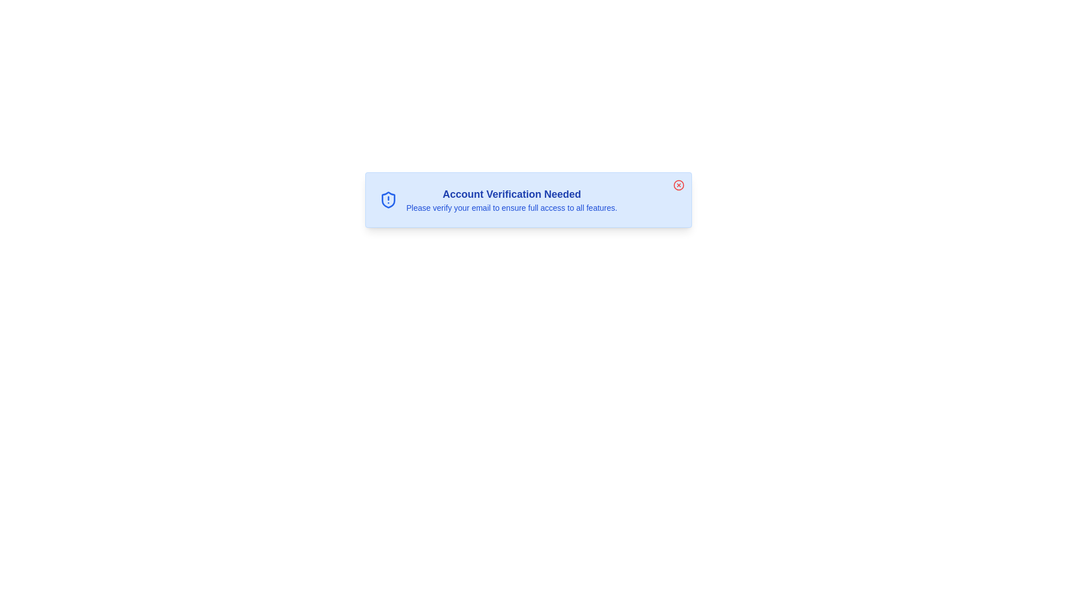 The image size is (1089, 612). What do you see at coordinates (511, 207) in the screenshot?
I see `informational text that prompts the user to verify their email, located below the heading 'Account Verification Needed' in the notification box` at bounding box center [511, 207].